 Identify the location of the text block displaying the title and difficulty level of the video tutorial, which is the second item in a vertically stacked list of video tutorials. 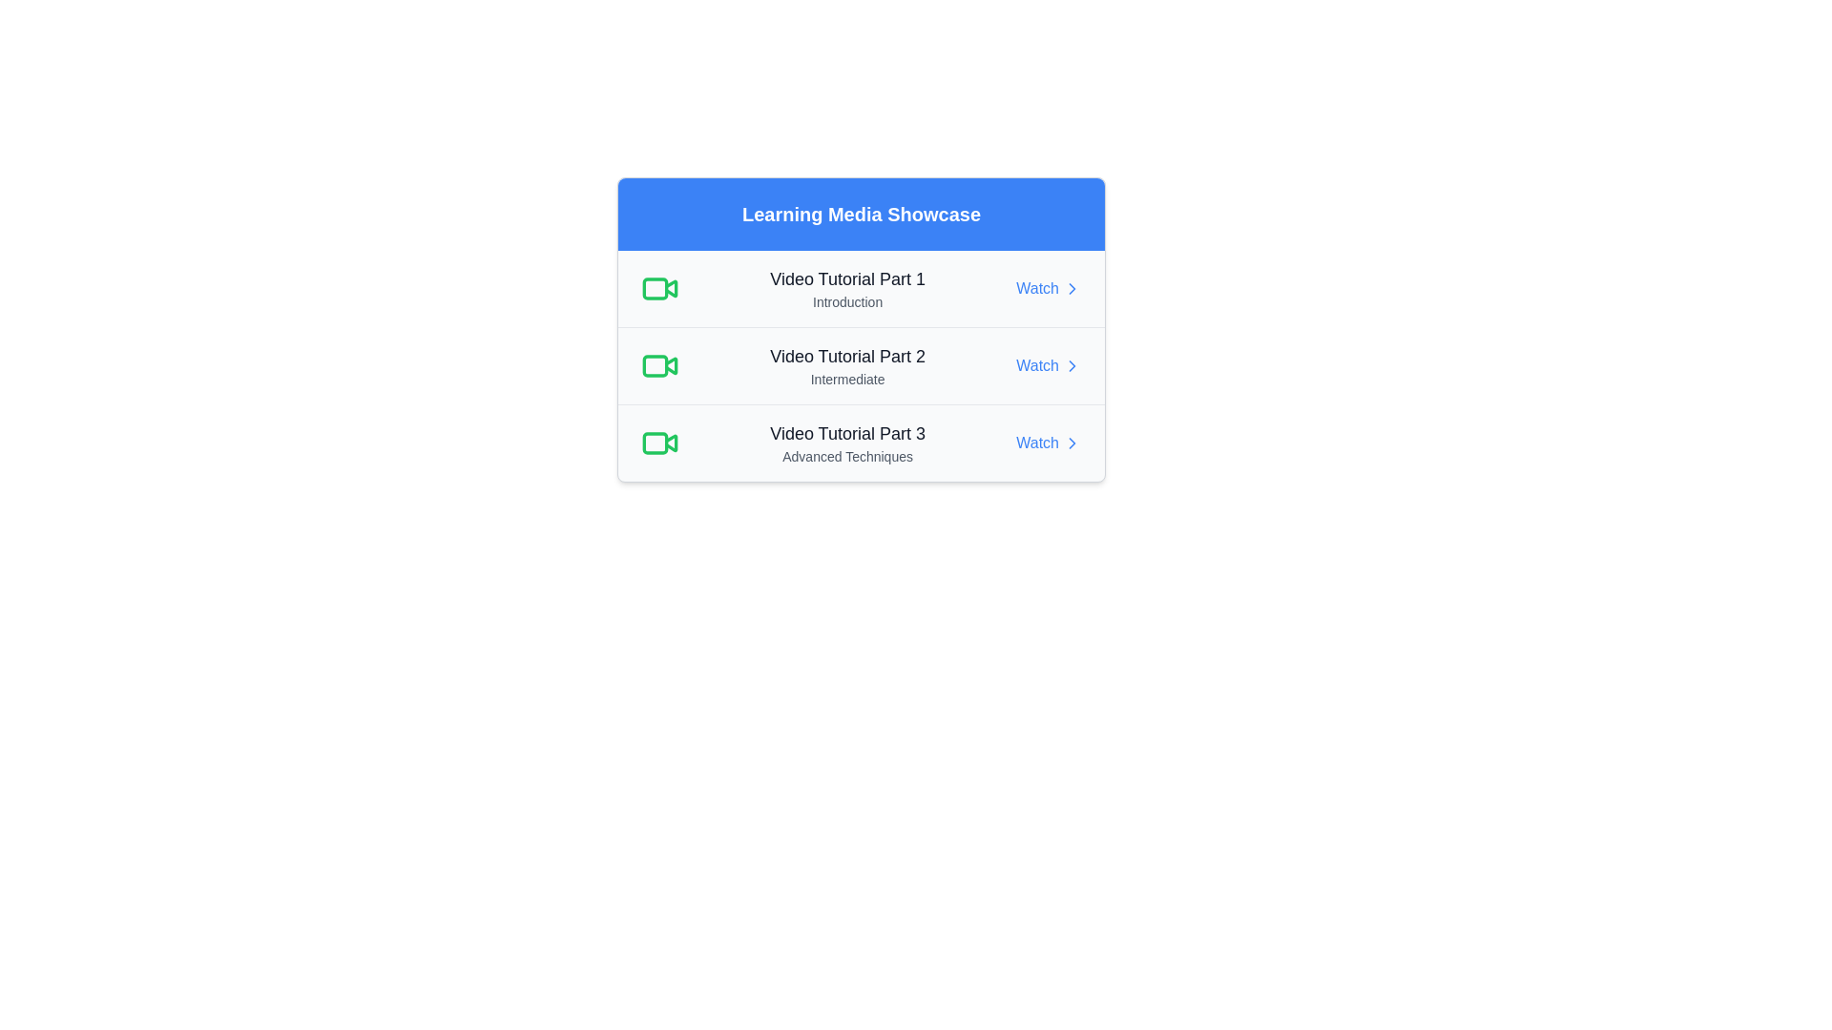
(846, 366).